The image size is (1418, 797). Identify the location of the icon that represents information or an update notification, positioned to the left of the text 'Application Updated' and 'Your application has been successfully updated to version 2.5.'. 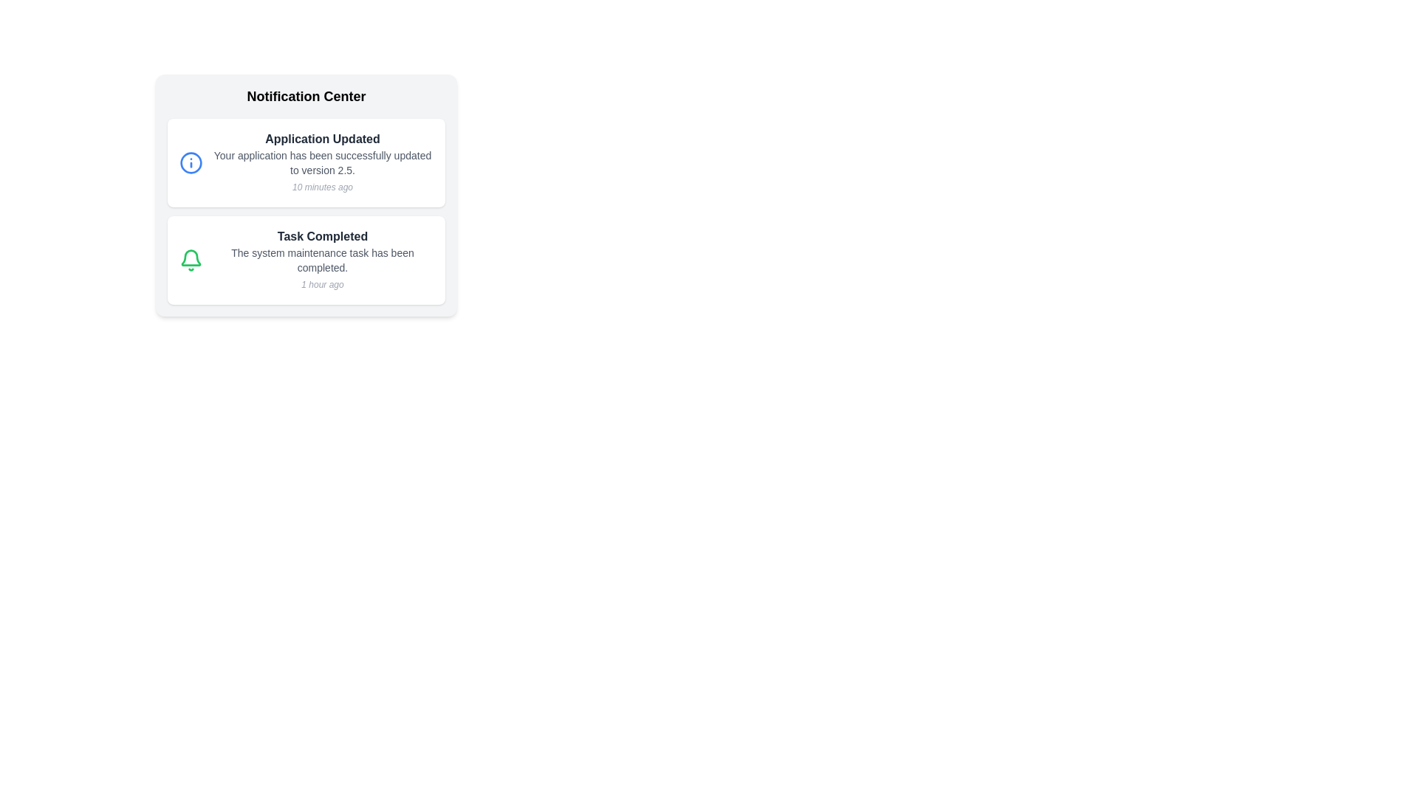
(191, 162).